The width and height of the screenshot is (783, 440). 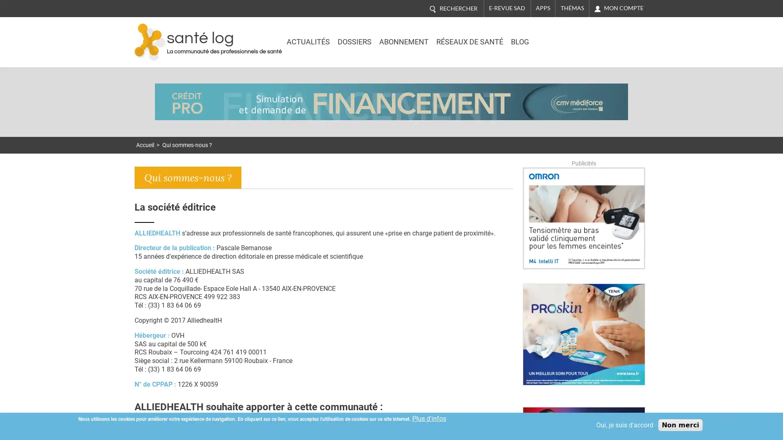 I want to click on Non merci, so click(x=680, y=425).